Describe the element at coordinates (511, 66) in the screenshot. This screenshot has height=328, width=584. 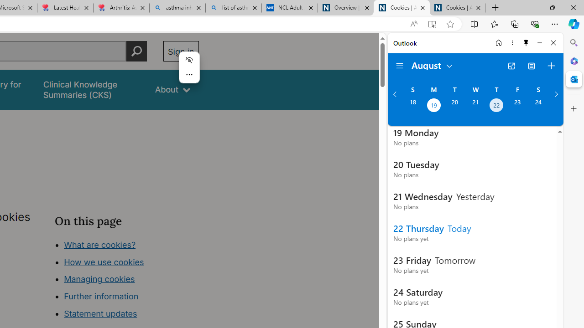
I see `'Open in new tab'` at that location.